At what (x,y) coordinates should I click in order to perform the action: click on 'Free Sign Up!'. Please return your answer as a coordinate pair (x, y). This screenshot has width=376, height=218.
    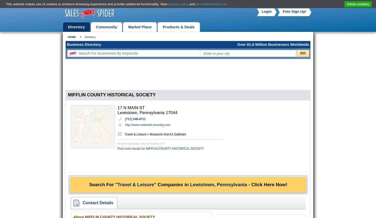
    Looking at the image, I should click on (294, 11).